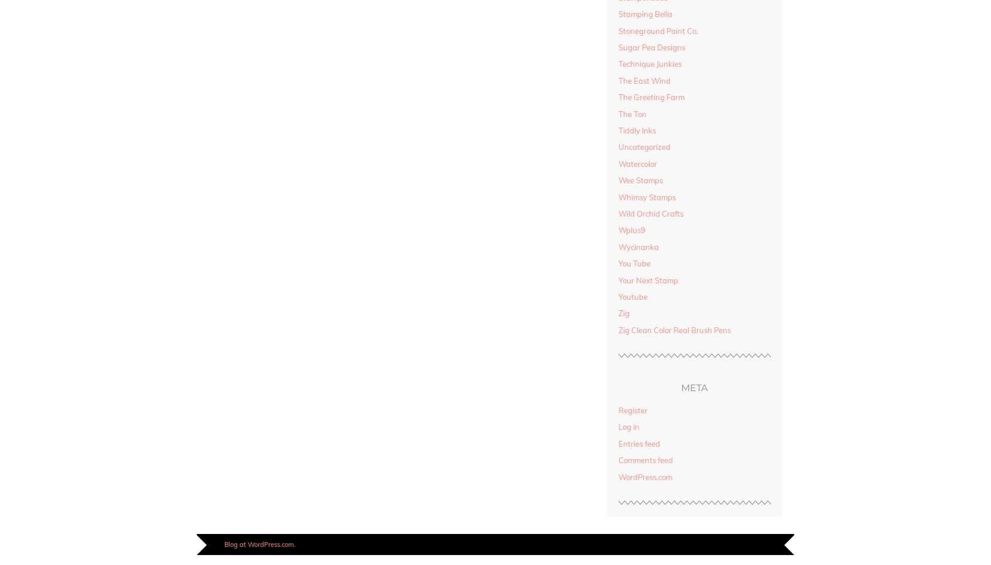  I want to click on 'Stoneground Paint Co.', so click(657, 30).